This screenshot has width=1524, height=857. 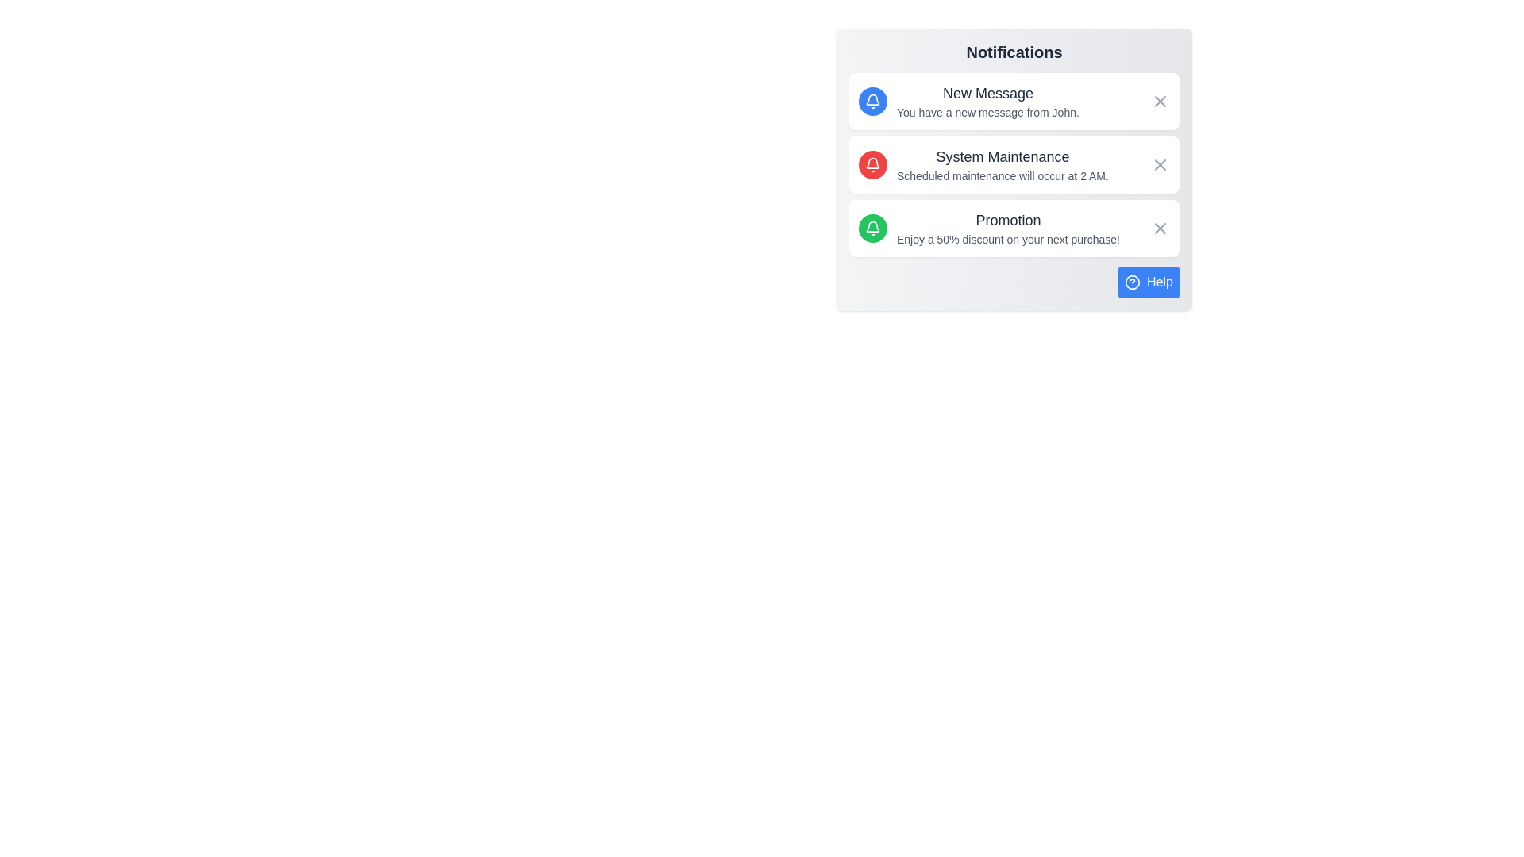 What do you see at coordinates (988, 229) in the screenshot?
I see `the third notification item in the notification panel, which informs users about a promotional offer` at bounding box center [988, 229].